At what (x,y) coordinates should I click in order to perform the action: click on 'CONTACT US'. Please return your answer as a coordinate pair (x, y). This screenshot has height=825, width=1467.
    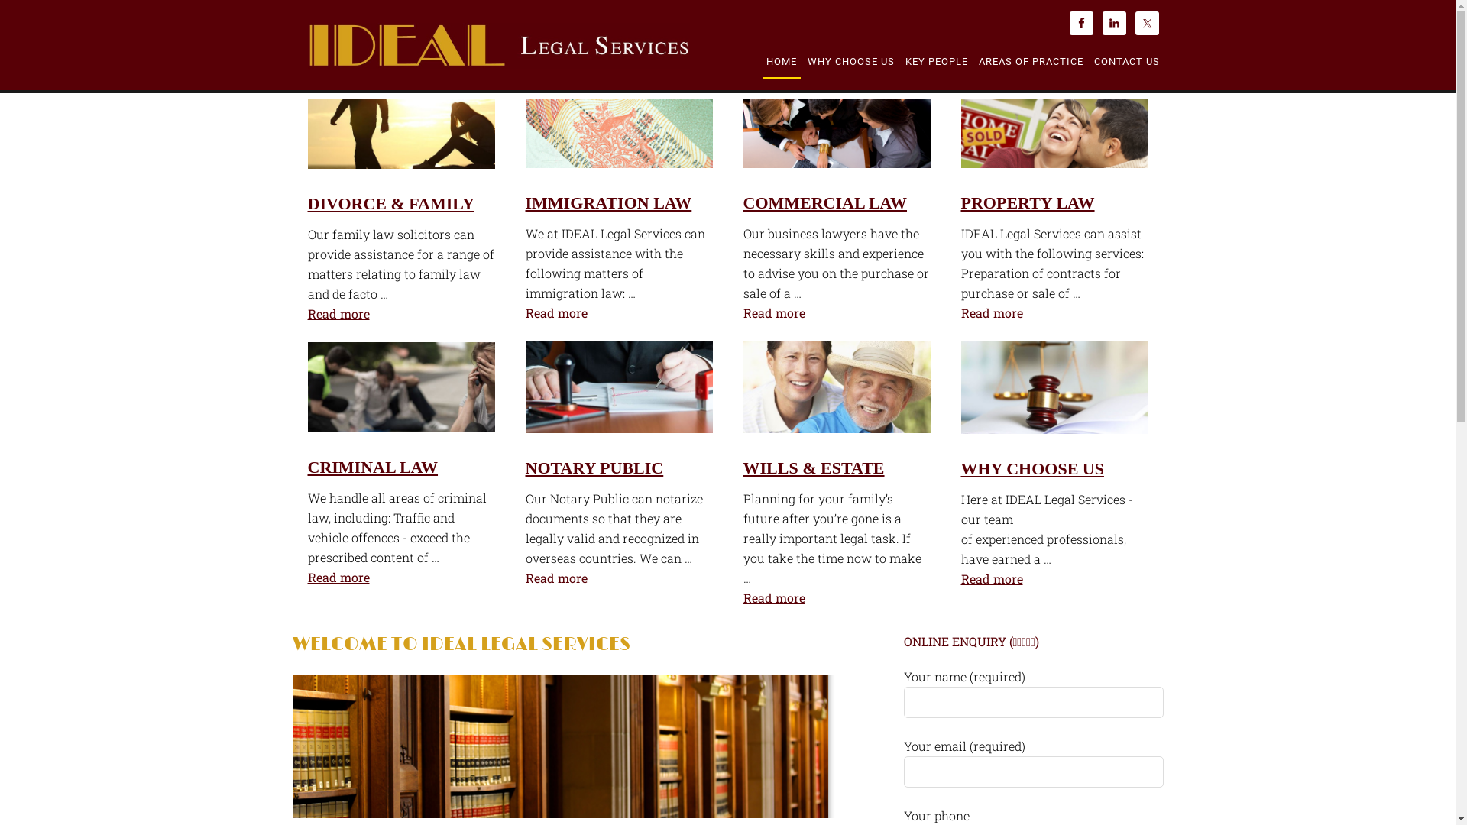
    Looking at the image, I should click on (1088, 61).